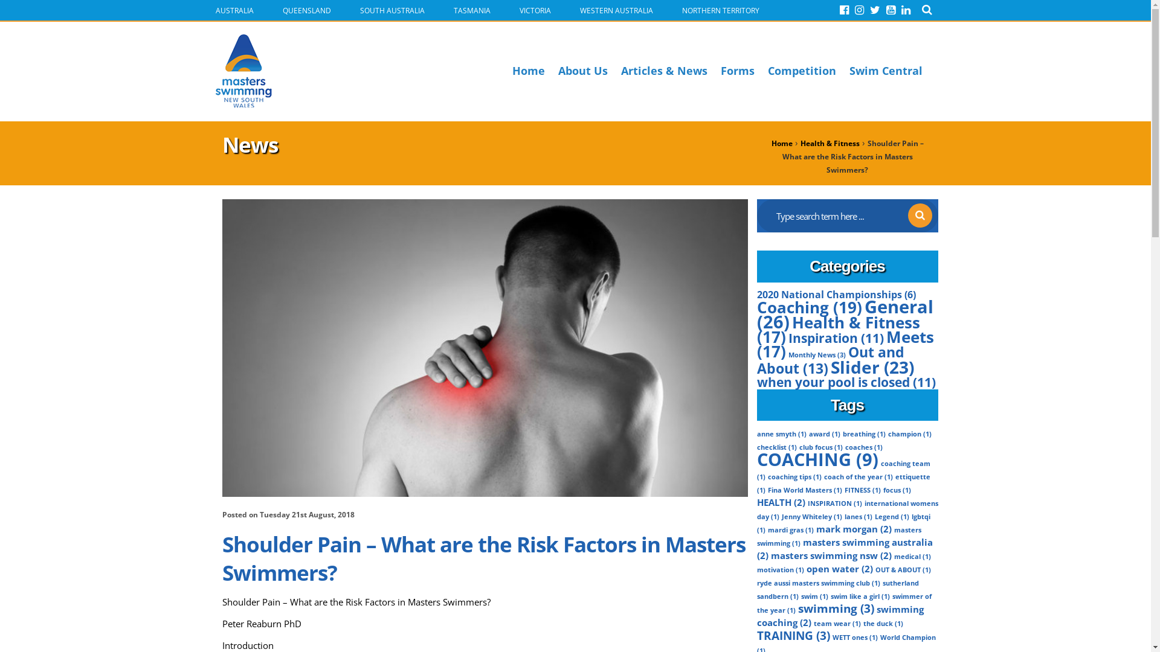 This screenshot has height=652, width=1160. What do you see at coordinates (305, 9) in the screenshot?
I see `'QUEENSLAND'` at bounding box center [305, 9].